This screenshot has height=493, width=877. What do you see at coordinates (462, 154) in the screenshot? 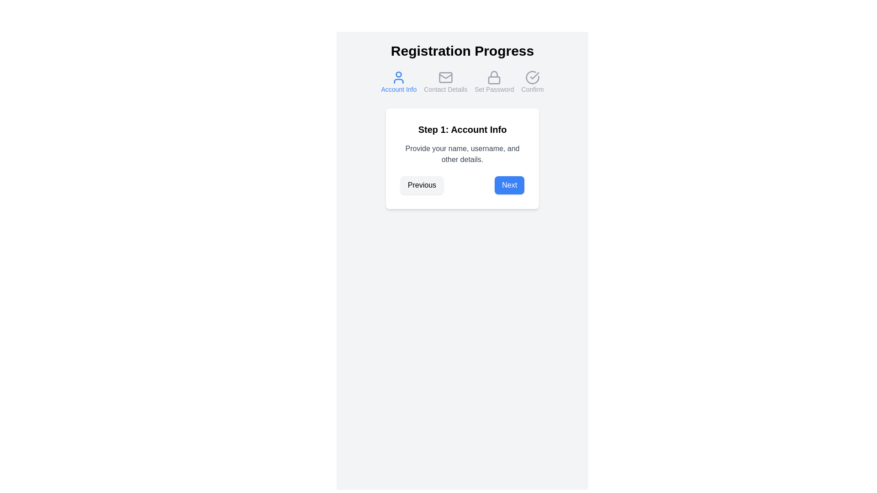
I see `the gray text label that instructs to 'Provide your name, username, and other details', located below the heading 'Step 1: Account Info'` at bounding box center [462, 154].